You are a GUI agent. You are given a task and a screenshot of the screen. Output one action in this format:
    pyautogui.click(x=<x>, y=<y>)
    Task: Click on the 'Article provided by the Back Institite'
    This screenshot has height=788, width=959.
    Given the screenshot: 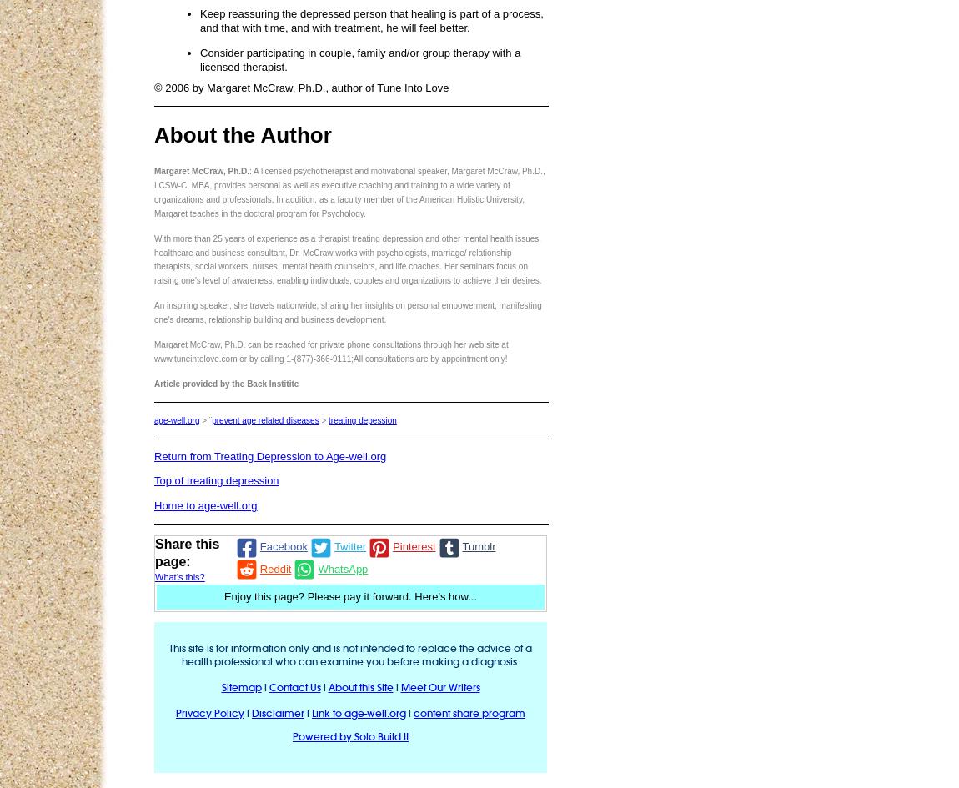 What is the action you would take?
    pyautogui.click(x=225, y=383)
    